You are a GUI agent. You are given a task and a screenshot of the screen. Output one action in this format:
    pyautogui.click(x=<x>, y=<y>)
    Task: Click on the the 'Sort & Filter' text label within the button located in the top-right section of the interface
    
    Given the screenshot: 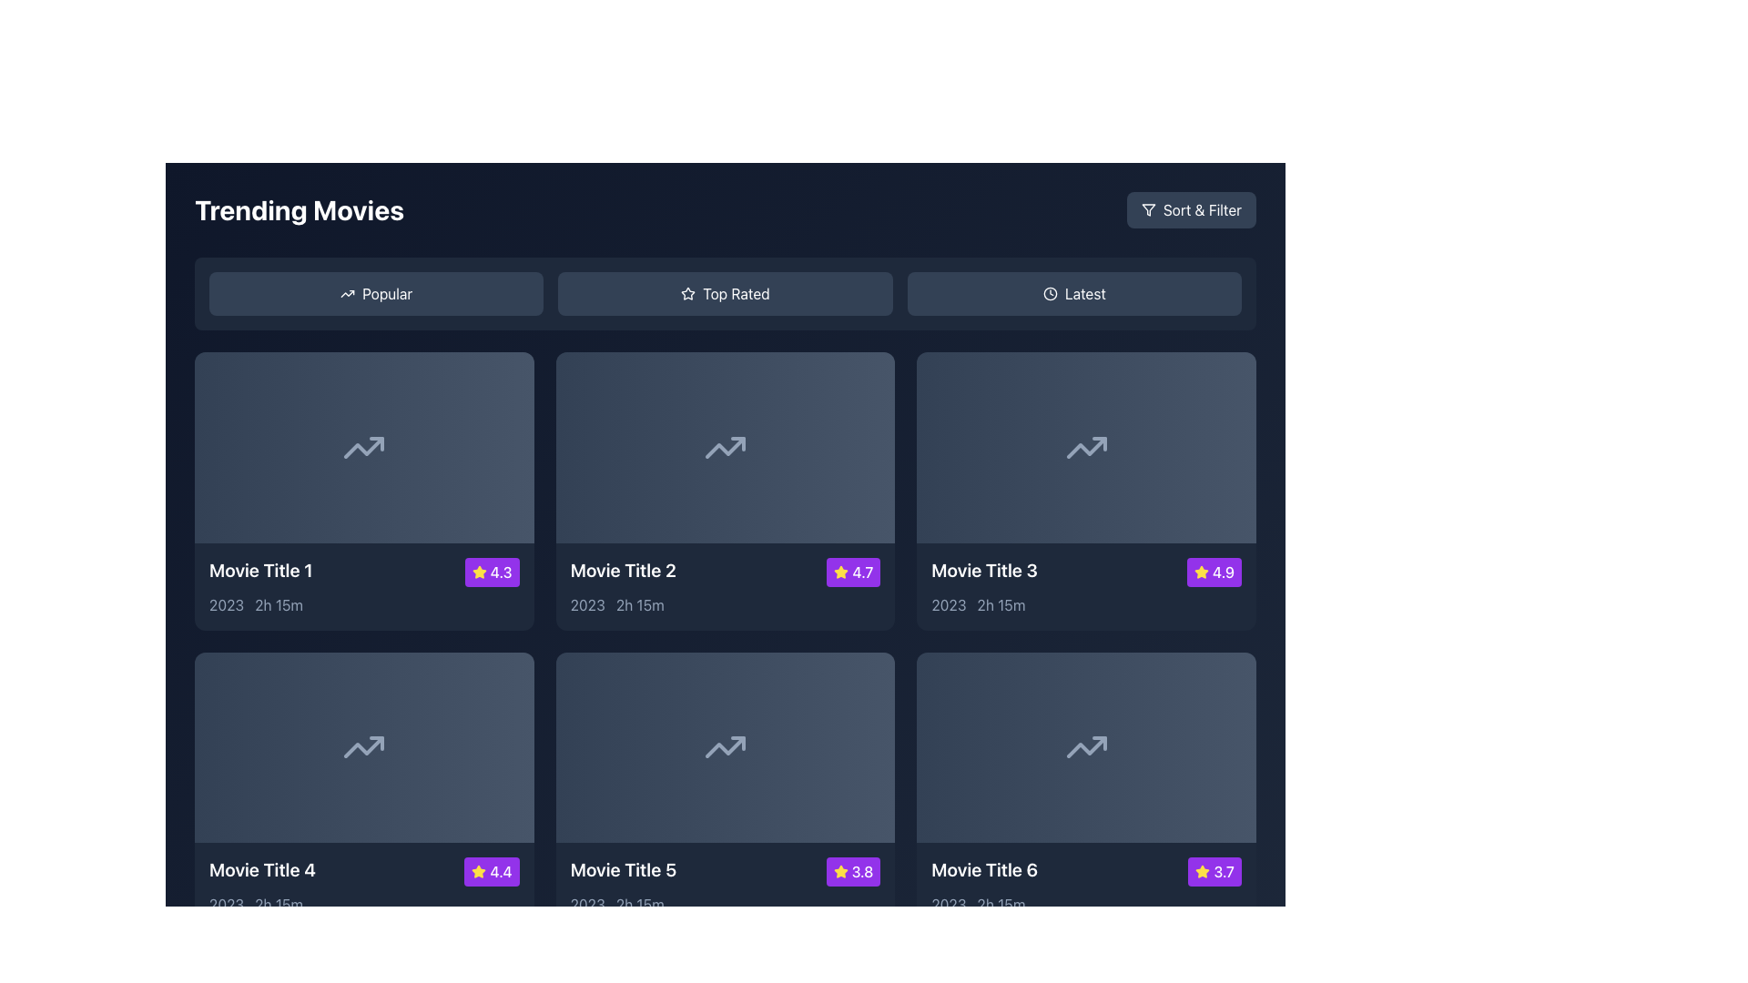 What is the action you would take?
    pyautogui.click(x=1202, y=209)
    